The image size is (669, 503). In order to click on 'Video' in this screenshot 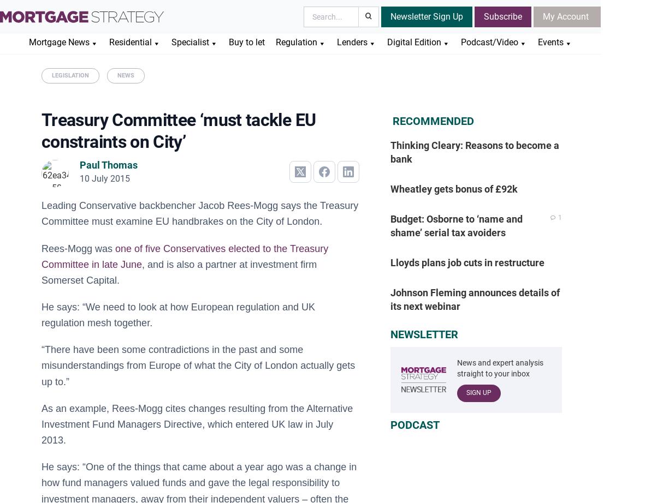, I will do `click(460, 85)`.